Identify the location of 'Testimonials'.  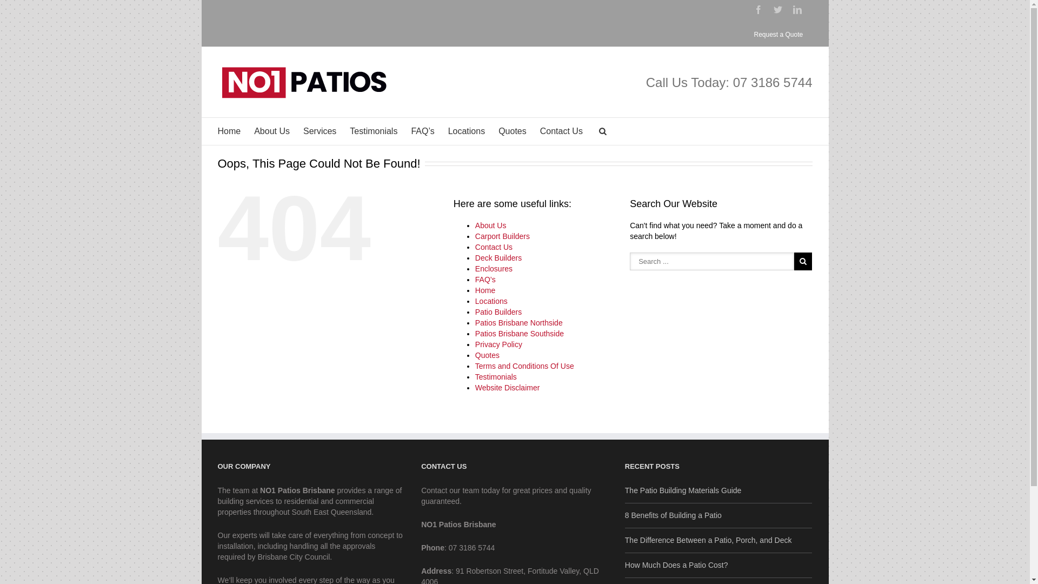
(374, 131).